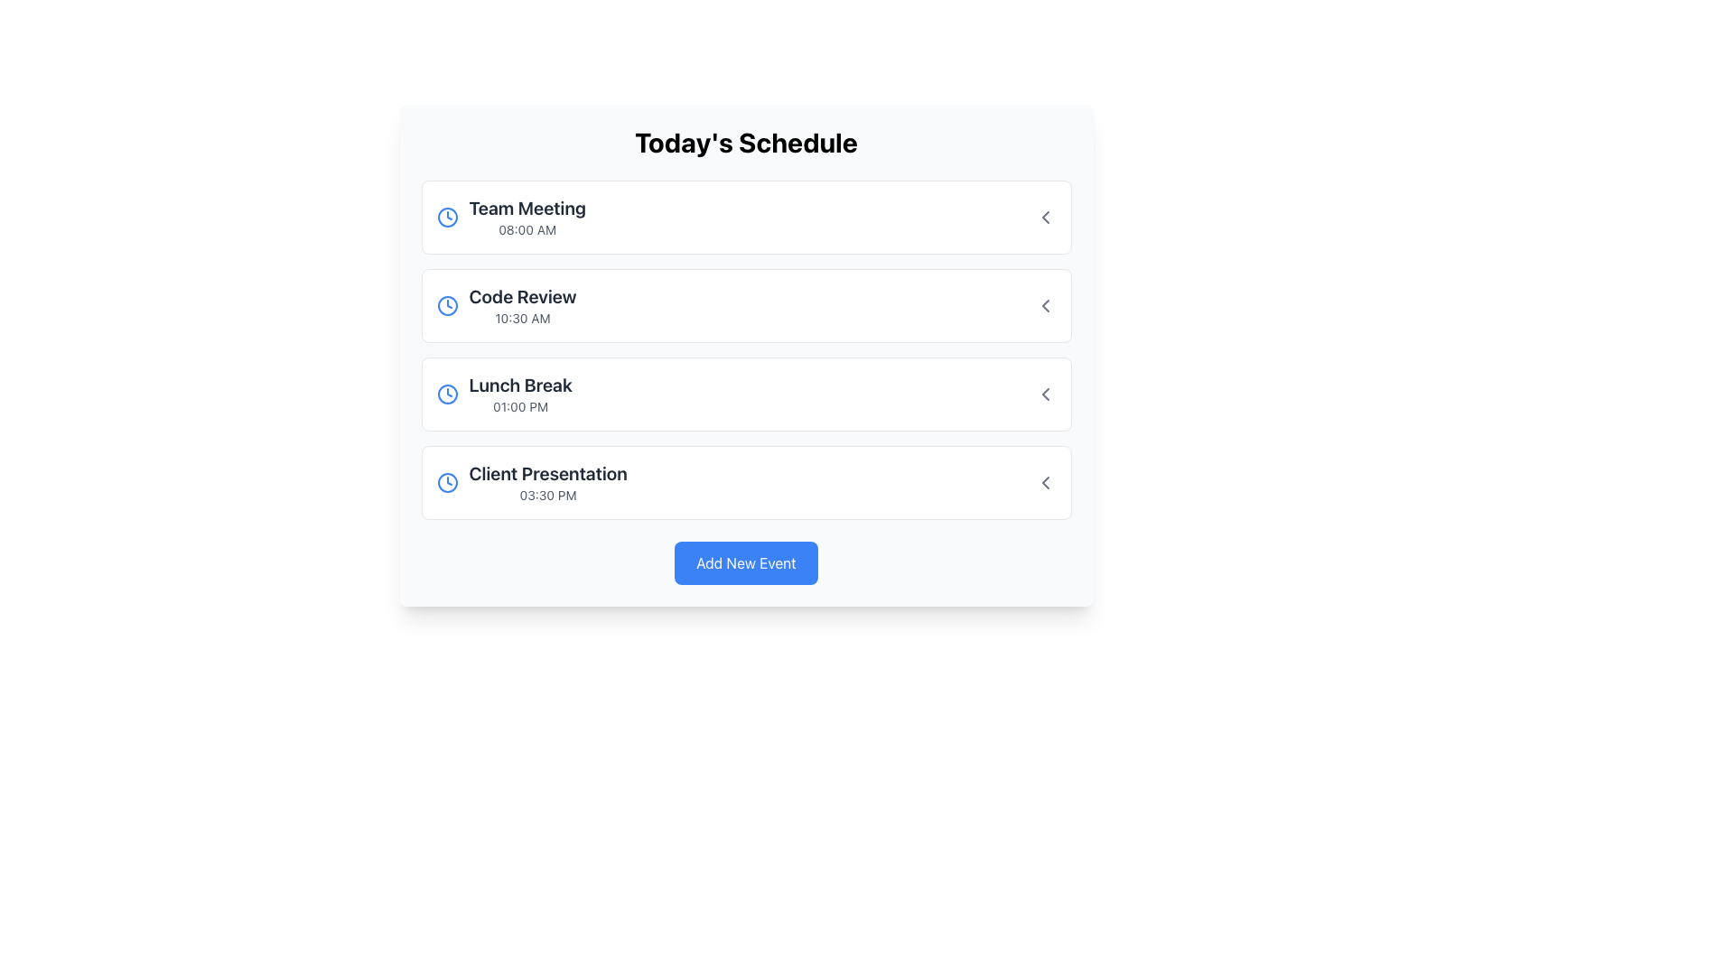  What do you see at coordinates (447, 216) in the screenshot?
I see `the small circular clock icon with blue outlines and a white background, located to the left of 'Team Meeting' and '08:00 AM' in the schedule list` at bounding box center [447, 216].